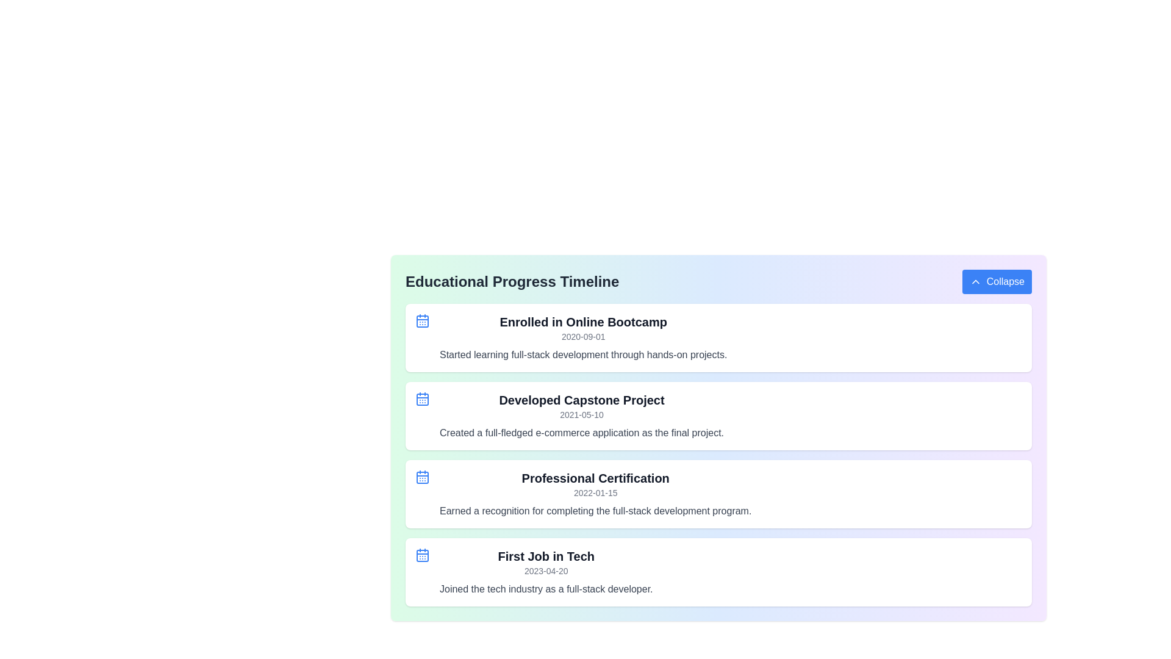 The width and height of the screenshot is (1171, 659). What do you see at coordinates (718, 338) in the screenshot?
I see `the topmost milestone in the vertical timeline layout` at bounding box center [718, 338].